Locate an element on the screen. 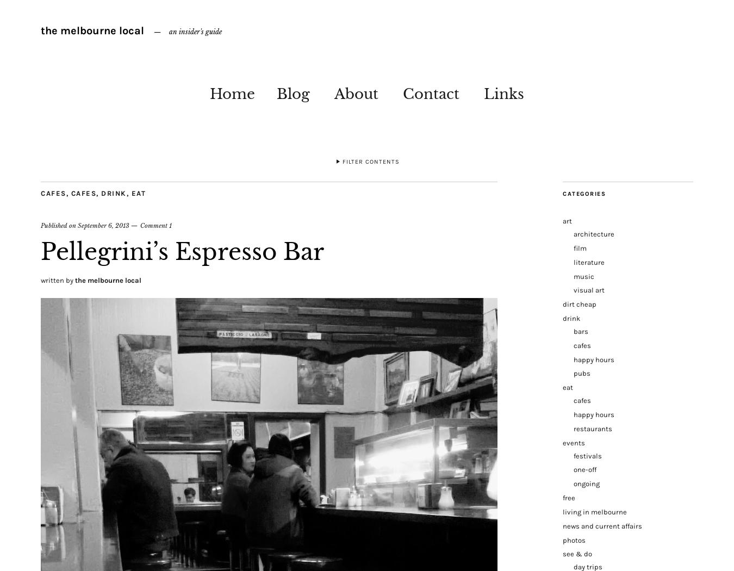 The image size is (734, 571). 'Links' is located at coordinates (503, 94).